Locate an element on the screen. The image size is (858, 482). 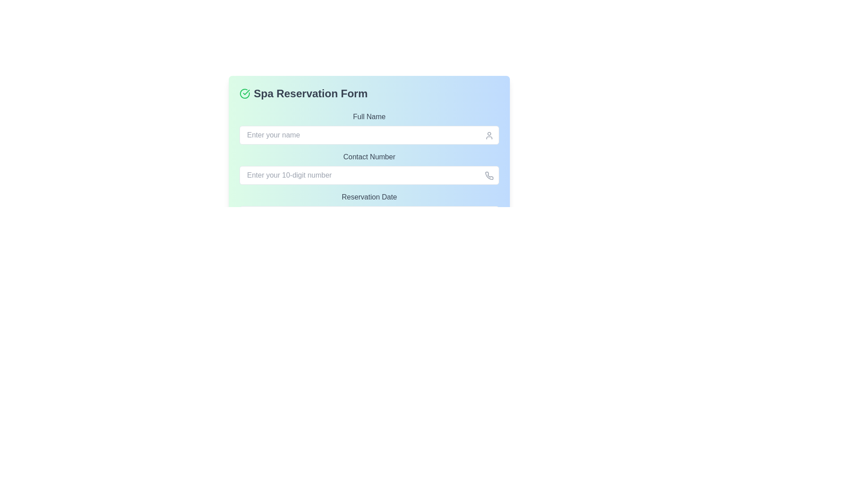
the phone number icon located to the far right of the input field with the placeholder 'Enter your 10-digit number.' is located at coordinates (488, 175).